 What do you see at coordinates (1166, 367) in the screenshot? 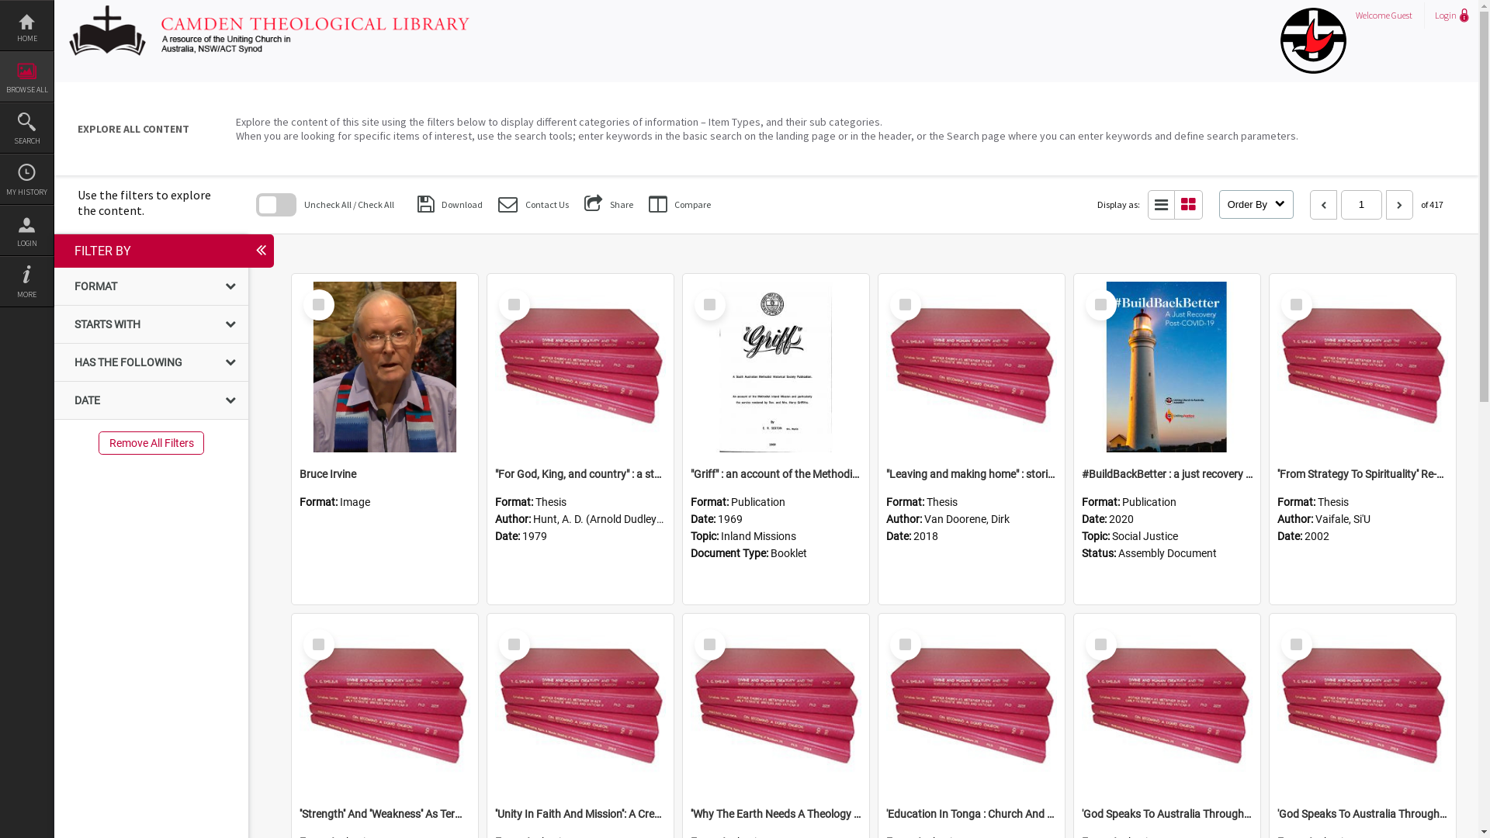
I see `'#BuildBackBetter : a just recovery post-COVID-19'` at bounding box center [1166, 367].